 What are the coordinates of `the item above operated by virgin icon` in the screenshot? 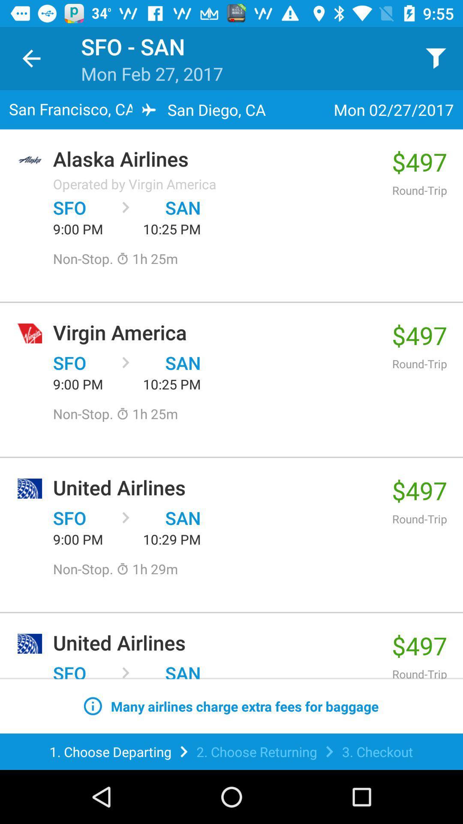 It's located at (217, 159).